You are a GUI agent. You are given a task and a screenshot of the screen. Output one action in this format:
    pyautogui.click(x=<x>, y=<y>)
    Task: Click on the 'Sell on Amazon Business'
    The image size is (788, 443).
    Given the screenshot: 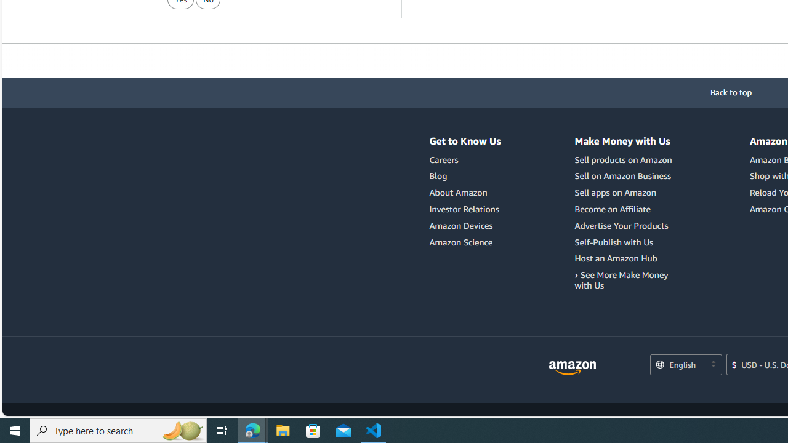 What is the action you would take?
    pyautogui.click(x=622, y=176)
    